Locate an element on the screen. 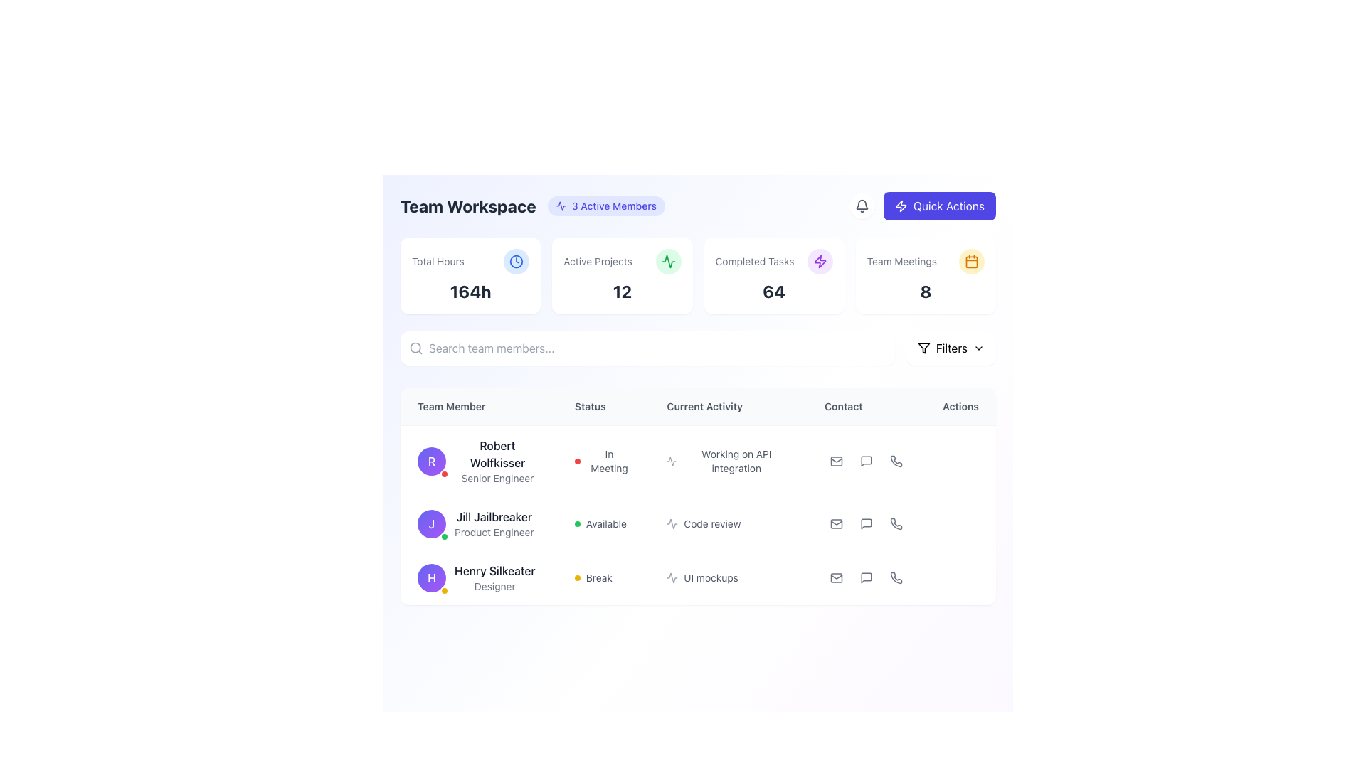  the green waveform icon located within the 'Active Projects' card at the top center of the interface, which features an irregular oscillating line and is the third icon among its siblings is located at coordinates (667, 261).